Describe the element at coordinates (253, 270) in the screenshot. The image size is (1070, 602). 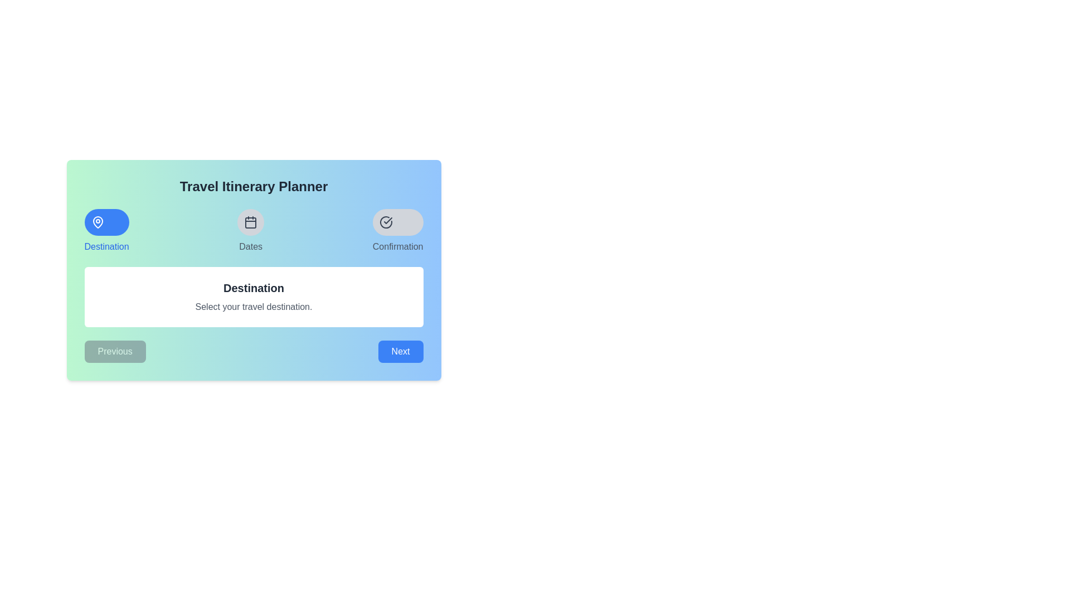
I see `the content display card for the 'Destination' selection step in the travel itinerary planner` at that location.